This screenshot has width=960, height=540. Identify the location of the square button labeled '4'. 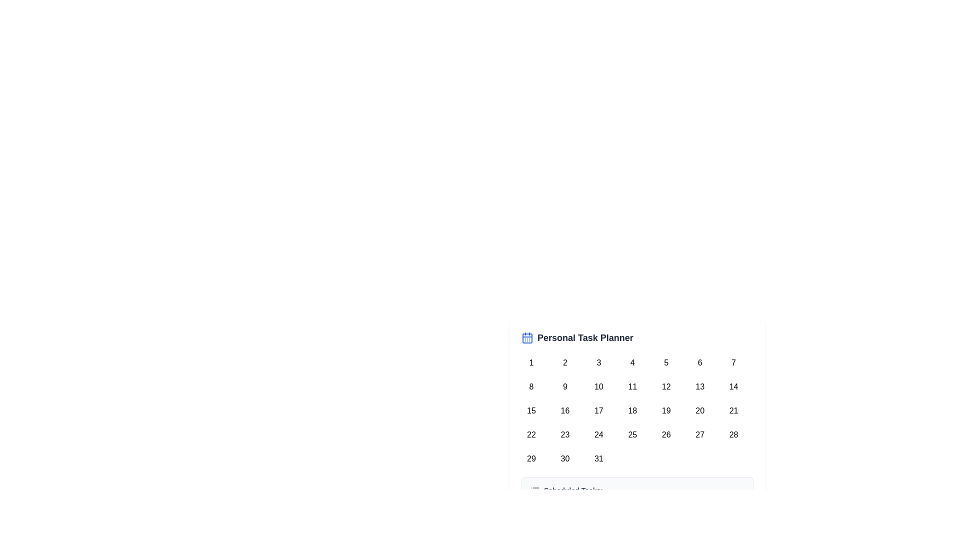
(632, 362).